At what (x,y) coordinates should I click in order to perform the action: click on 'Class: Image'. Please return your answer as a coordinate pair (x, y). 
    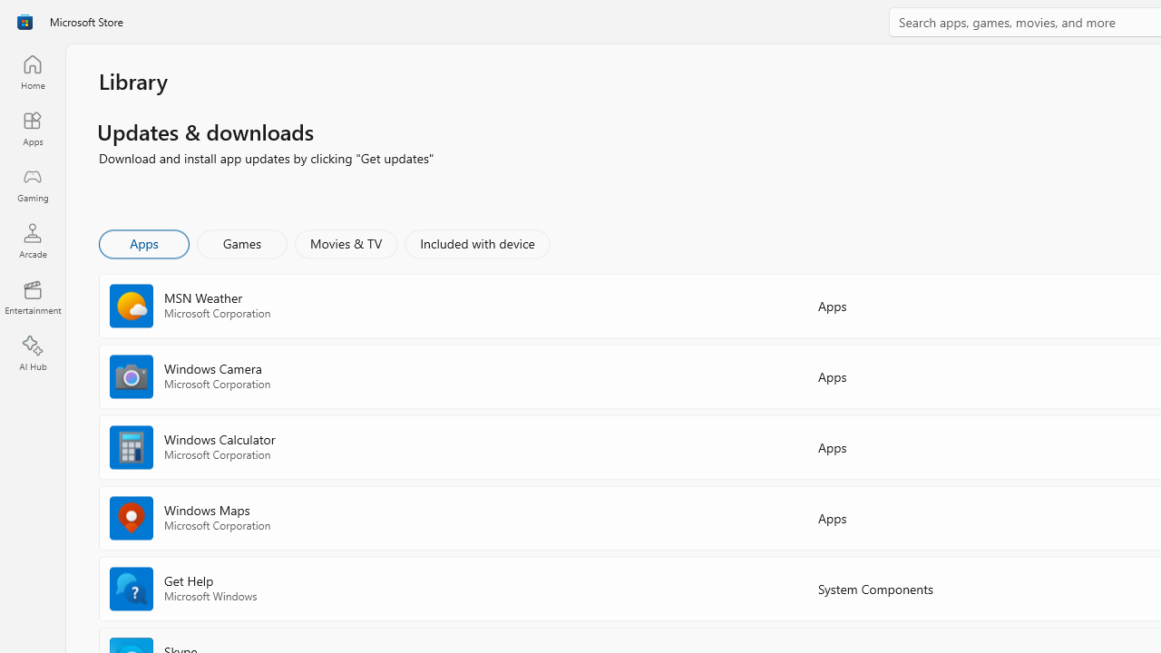
    Looking at the image, I should click on (24, 22).